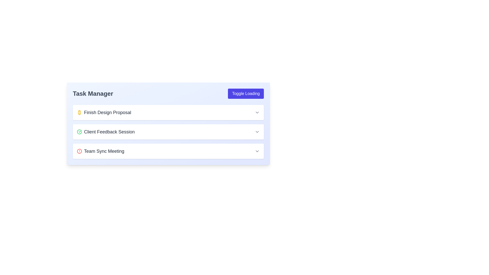  I want to click on the red circular alert icon indicating a warning next to the 'Team Sync Meeting' text, so click(79, 151).